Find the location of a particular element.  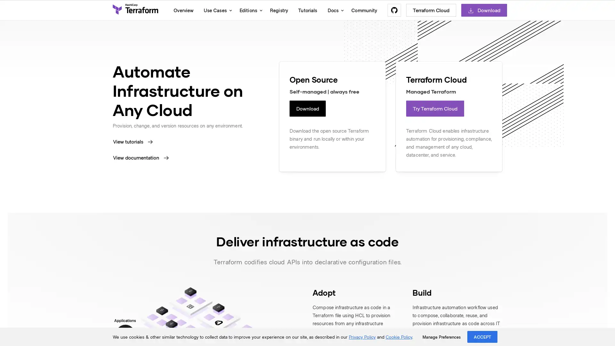

Use Cases is located at coordinates (216, 10).